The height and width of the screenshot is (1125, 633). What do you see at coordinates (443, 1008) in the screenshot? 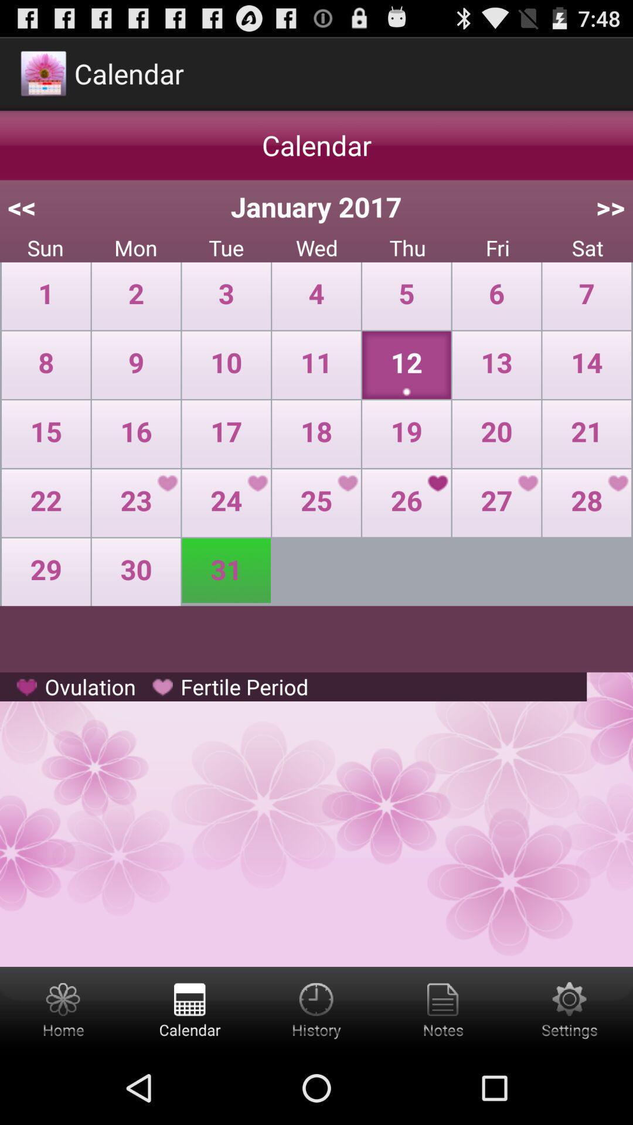
I see `notes` at bounding box center [443, 1008].